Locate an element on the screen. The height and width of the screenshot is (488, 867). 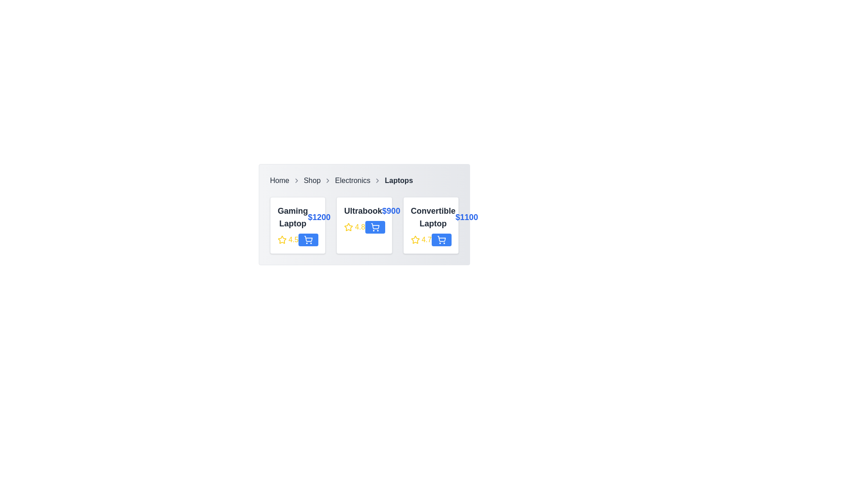
the blue button with rounded edges displaying a white shopping cart icon located at the bottom-right section of the 'Gaming Laptop' card is located at coordinates (308, 239).